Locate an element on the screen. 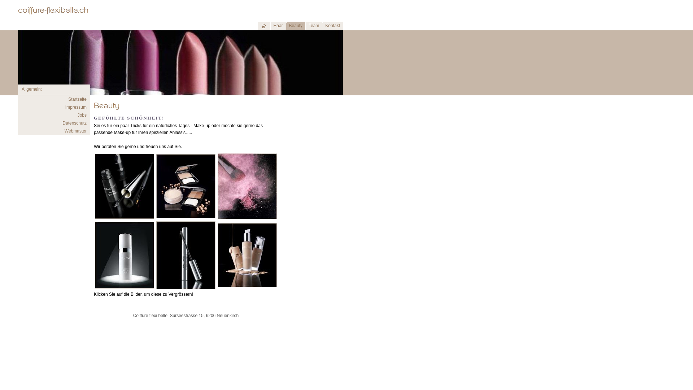 The height and width of the screenshot is (390, 693). 'Beauty' is located at coordinates (296, 26).